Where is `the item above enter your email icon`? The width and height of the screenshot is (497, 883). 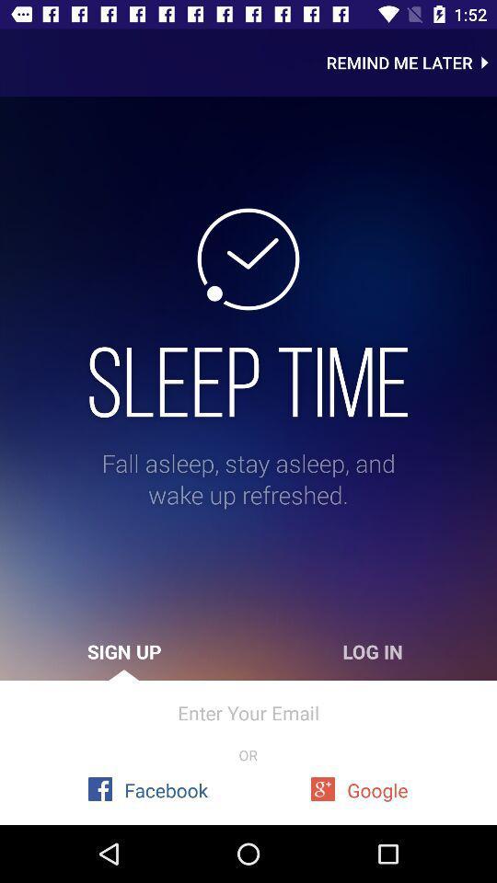 the item above enter your email icon is located at coordinates (124, 651).